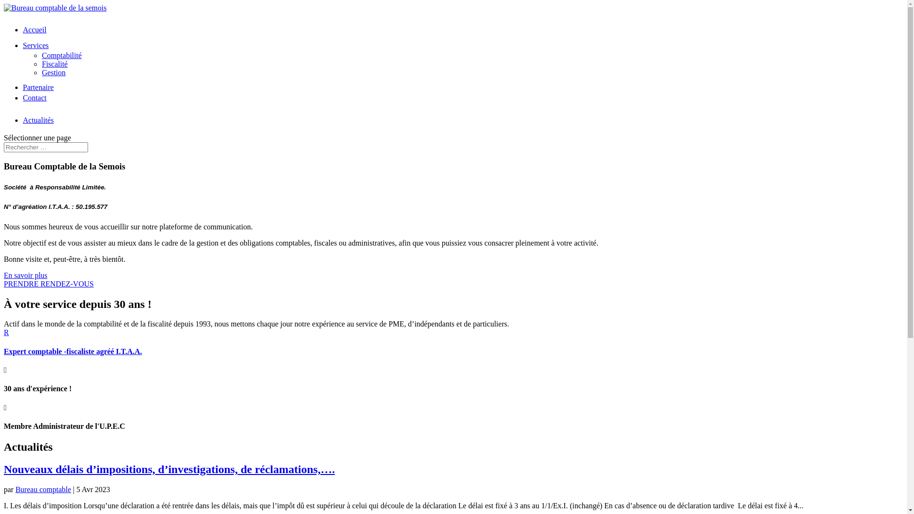 Image resolution: width=914 pixels, height=514 pixels. What do you see at coordinates (34, 98) in the screenshot?
I see `'Contact'` at bounding box center [34, 98].